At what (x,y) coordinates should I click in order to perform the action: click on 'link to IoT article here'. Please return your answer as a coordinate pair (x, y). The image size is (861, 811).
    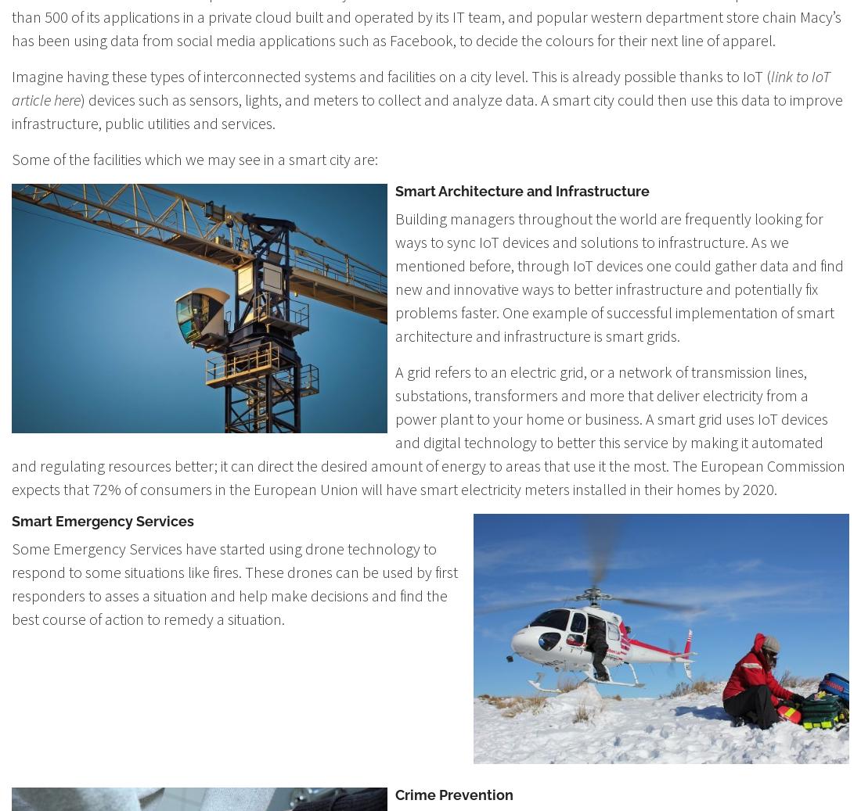
    Looking at the image, I should click on (10, 87).